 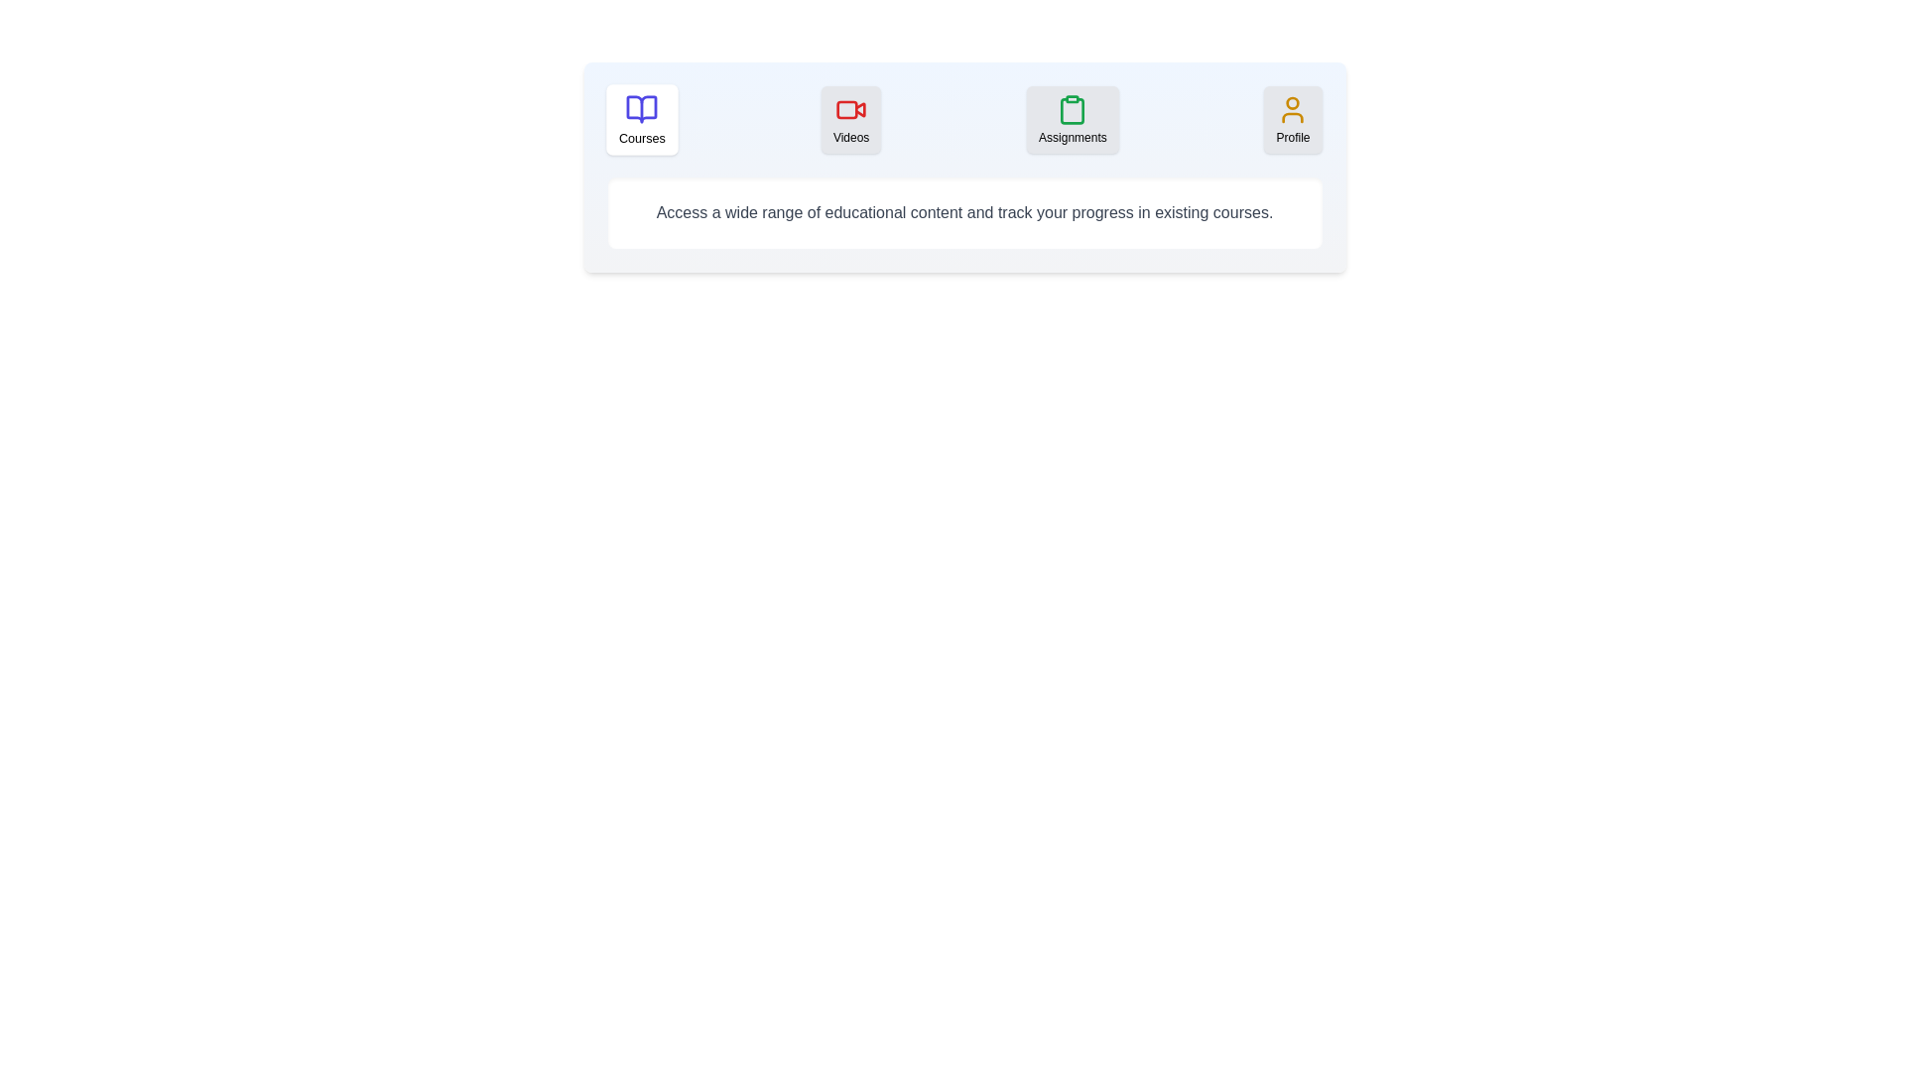 I want to click on the tab labeled Profile, so click(x=1293, y=119).